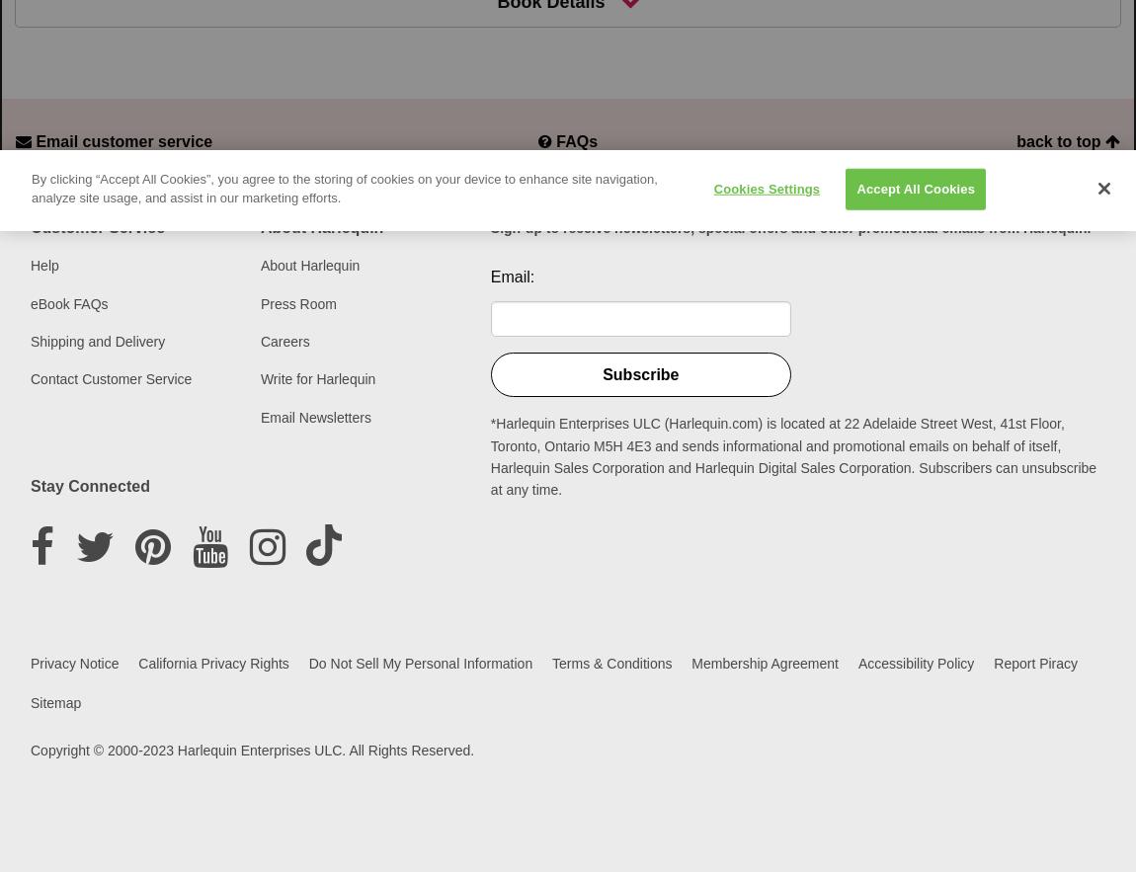  What do you see at coordinates (88, 486) in the screenshot?
I see `'Stay Connected'` at bounding box center [88, 486].